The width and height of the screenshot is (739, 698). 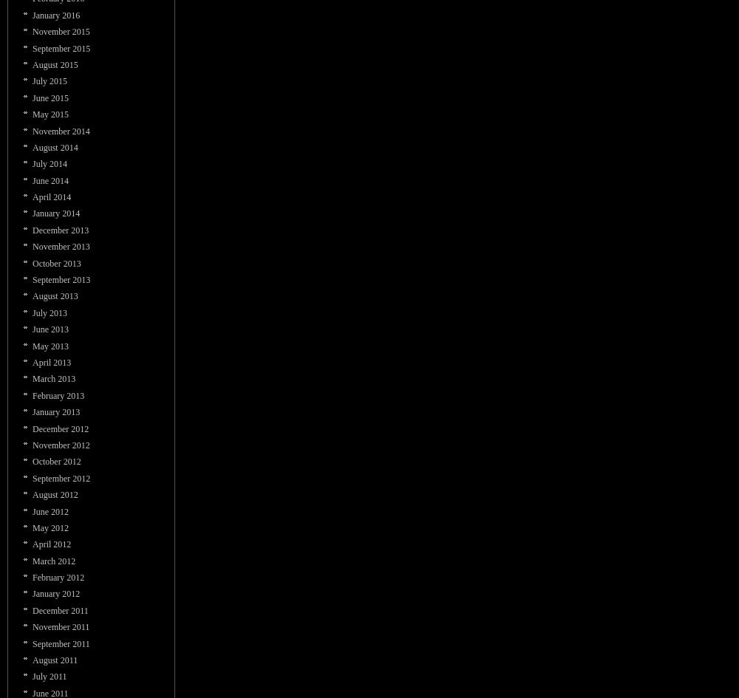 I want to click on 'January 2014', so click(x=55, y=213).